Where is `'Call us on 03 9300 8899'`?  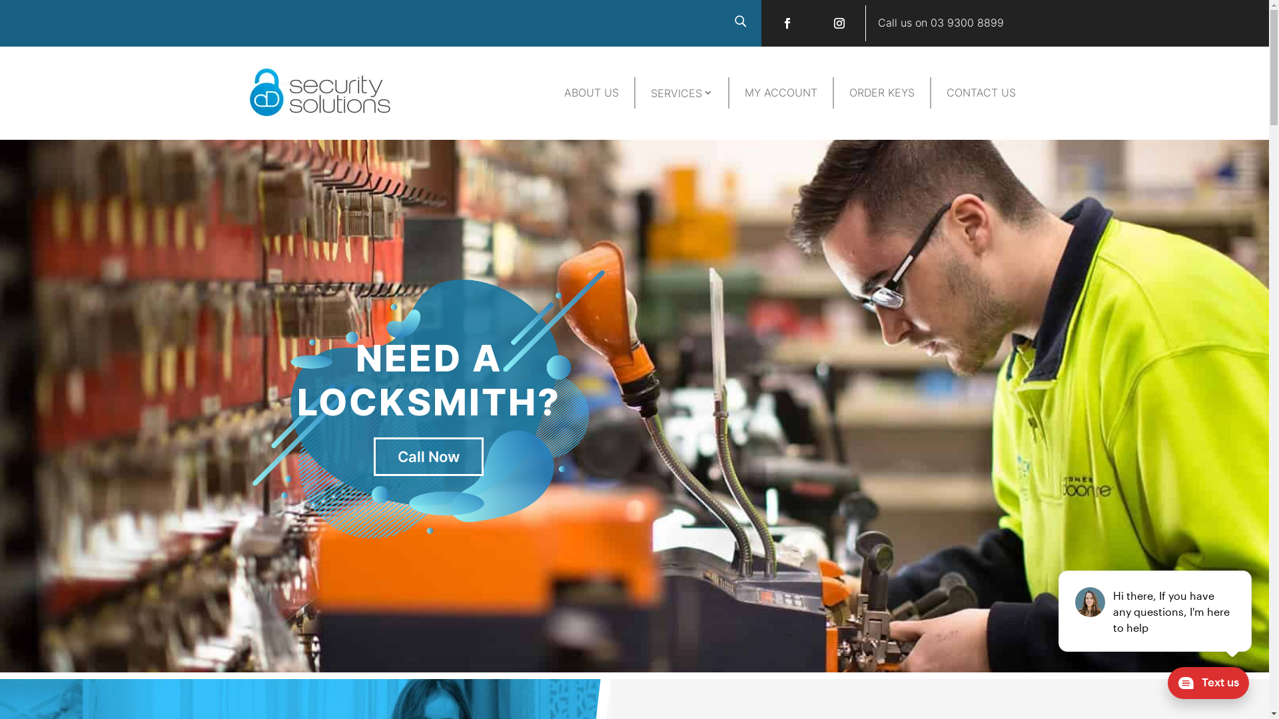
'Call us on 03 9300 8899' is located at coordinates (940, 23).